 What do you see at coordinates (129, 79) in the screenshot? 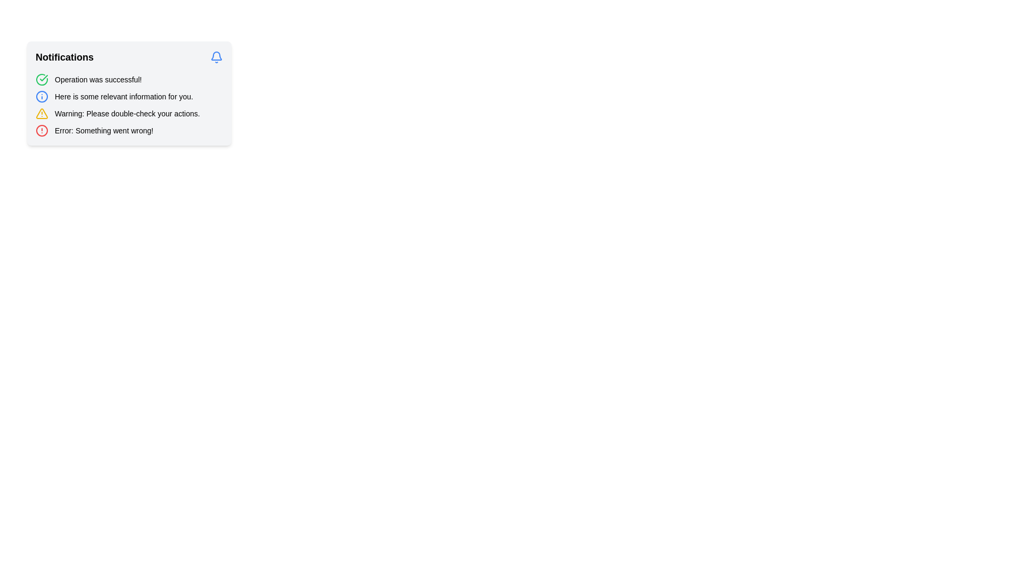
I see `success message displayed in the first notification item located beneath the 'Notifications' heading` at bounding box center [129, 79].